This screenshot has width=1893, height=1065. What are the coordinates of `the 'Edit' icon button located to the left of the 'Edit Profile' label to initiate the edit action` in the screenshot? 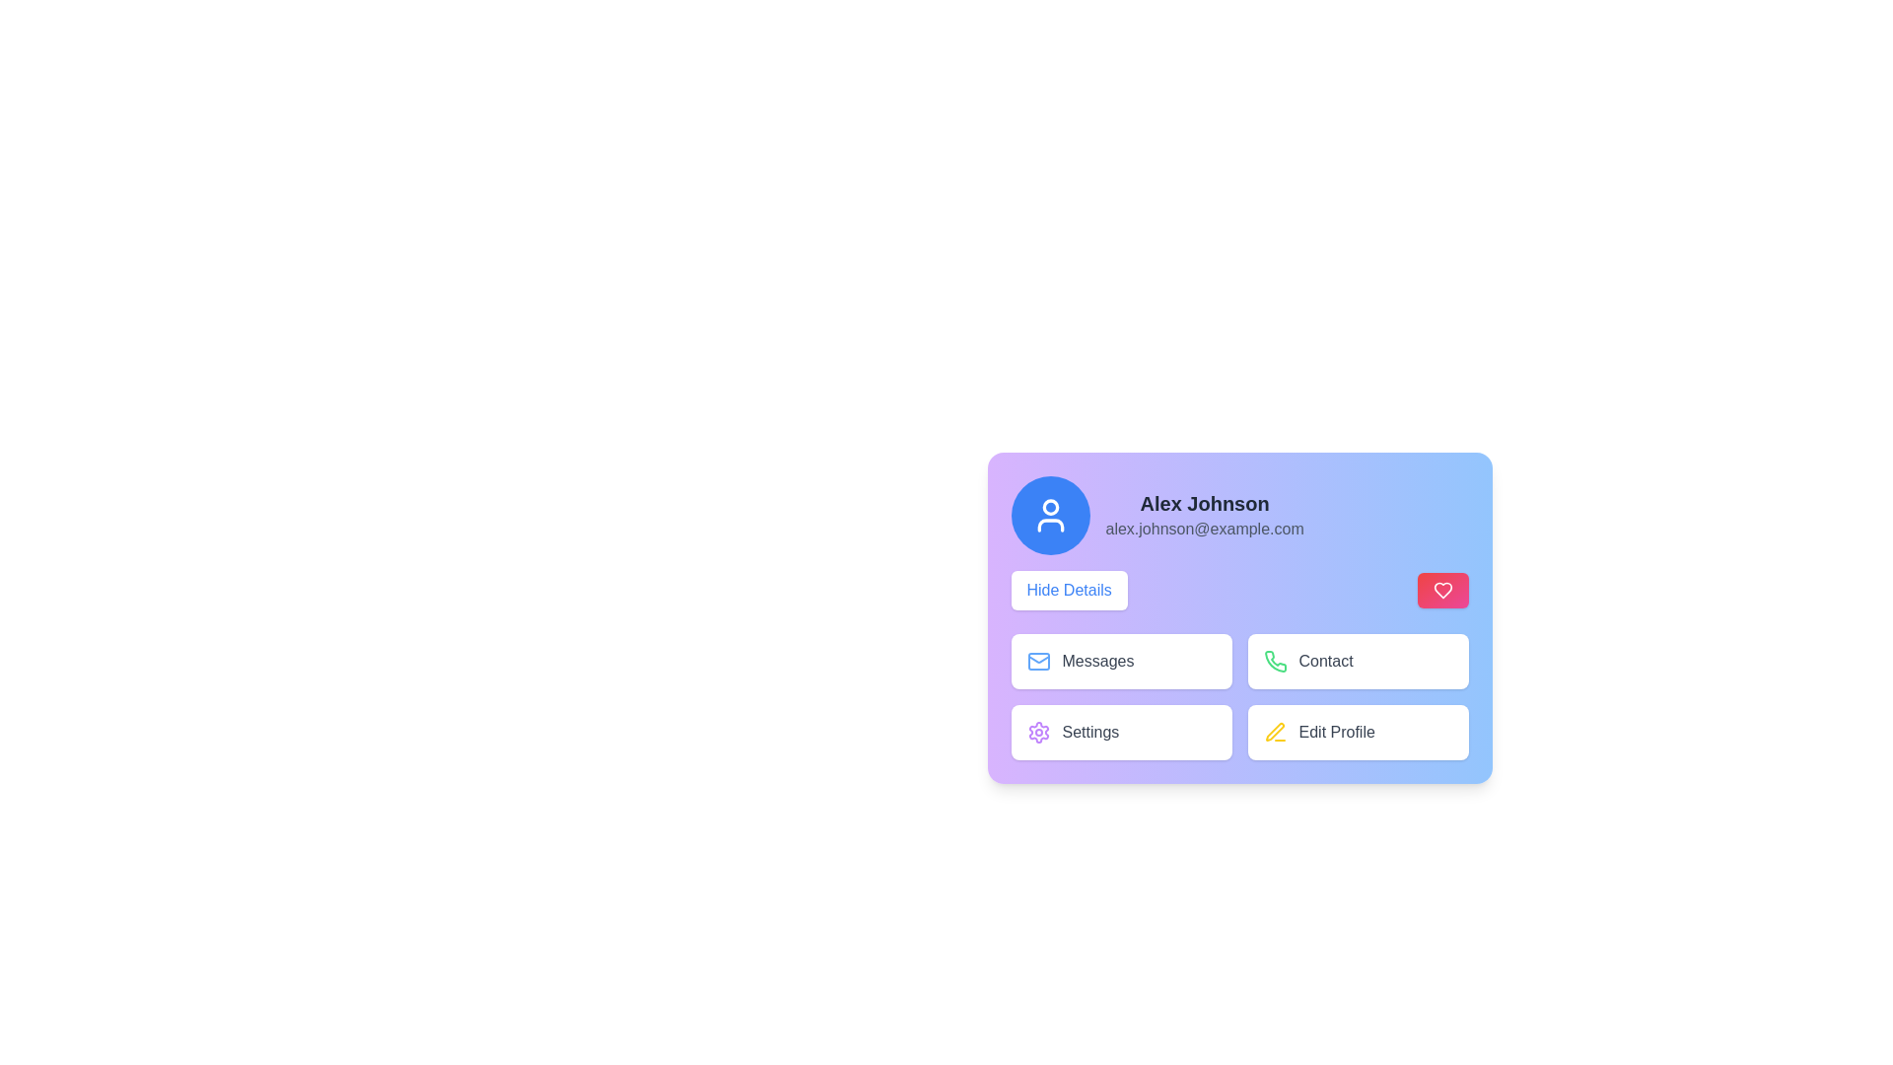 It's located at (1275, 733).